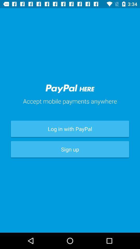 Image resolution: width=140 pixels, height=249 pixels. Describe the element at coordinates (70, 128) in the screenshot. I see `log in with` at that location.